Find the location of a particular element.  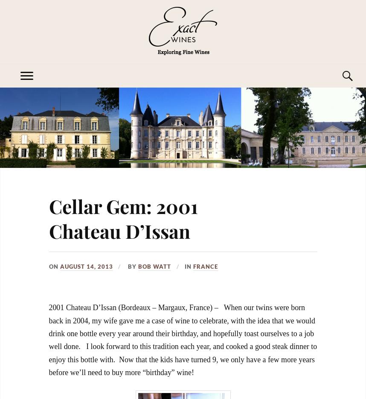

'August 14, 2013' is located at coordinates (59, 266).